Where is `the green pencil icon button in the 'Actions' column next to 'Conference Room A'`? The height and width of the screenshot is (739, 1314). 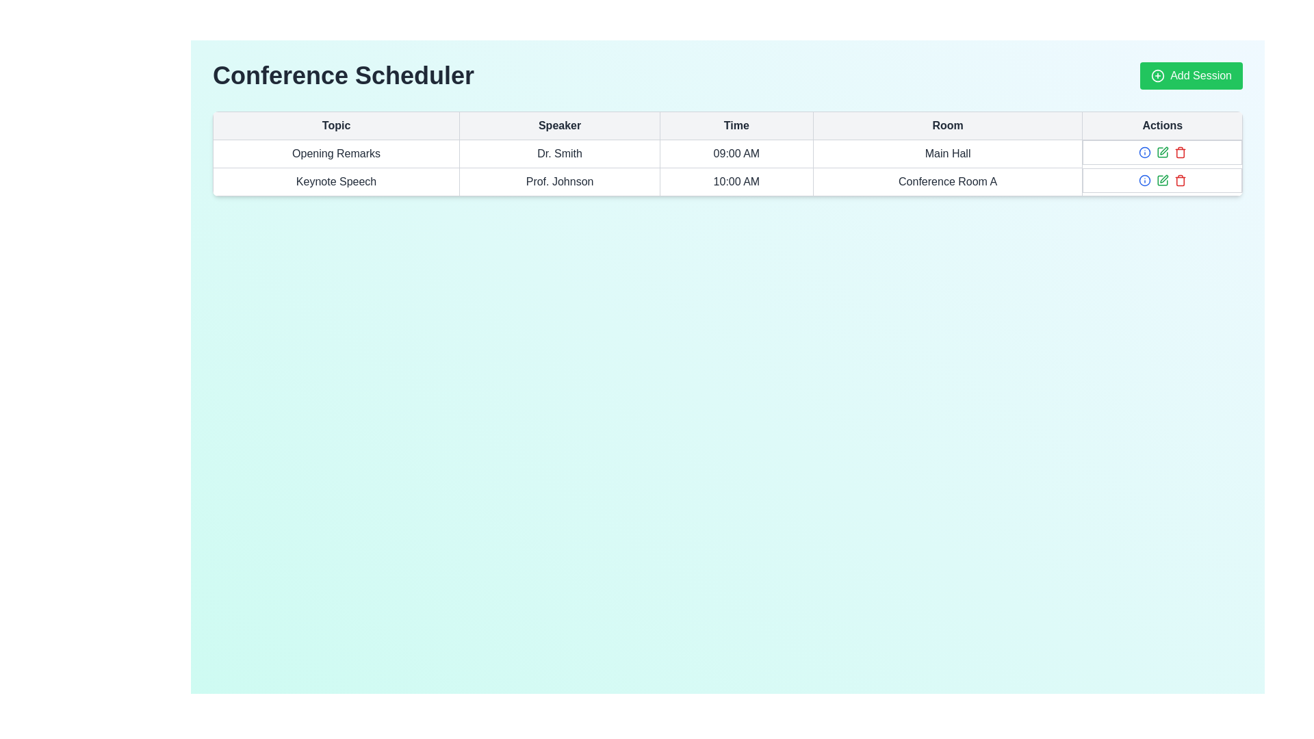 the green pencil icon button in the 'Actions' column next to 'Conference Room A' is located at coordinates (1161, 153).